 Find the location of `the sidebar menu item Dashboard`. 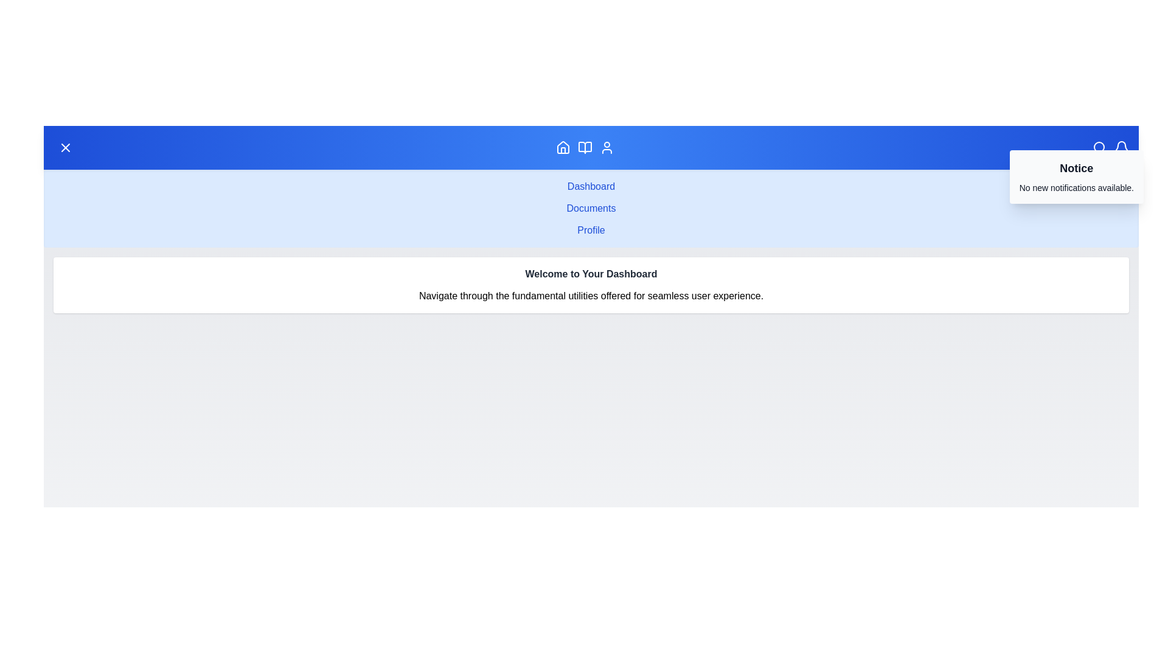

the sidebar menu item Dashboard is located at coordinates (52, 187).